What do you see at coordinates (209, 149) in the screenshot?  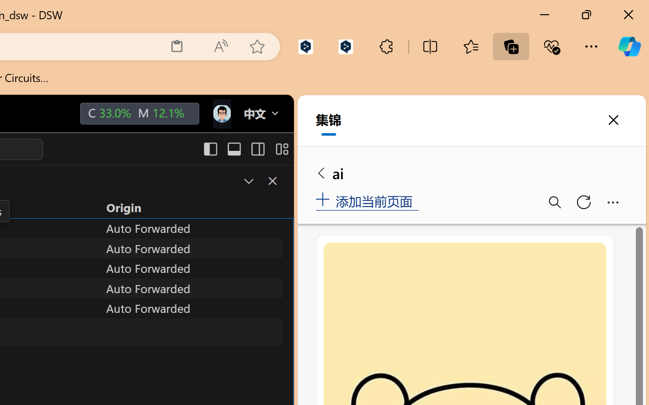 I see `'Toggle Primary Side Bar (Ctrl+B)'` at bounding box center [209, 149].